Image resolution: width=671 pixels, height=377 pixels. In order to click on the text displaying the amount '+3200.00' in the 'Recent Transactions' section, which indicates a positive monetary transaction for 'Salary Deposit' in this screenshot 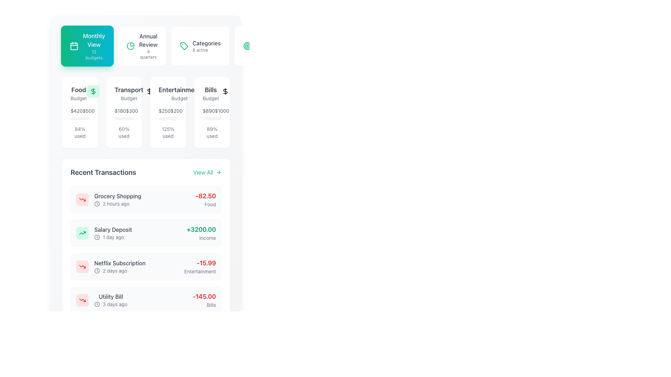, I will do `click(201, 230)`.